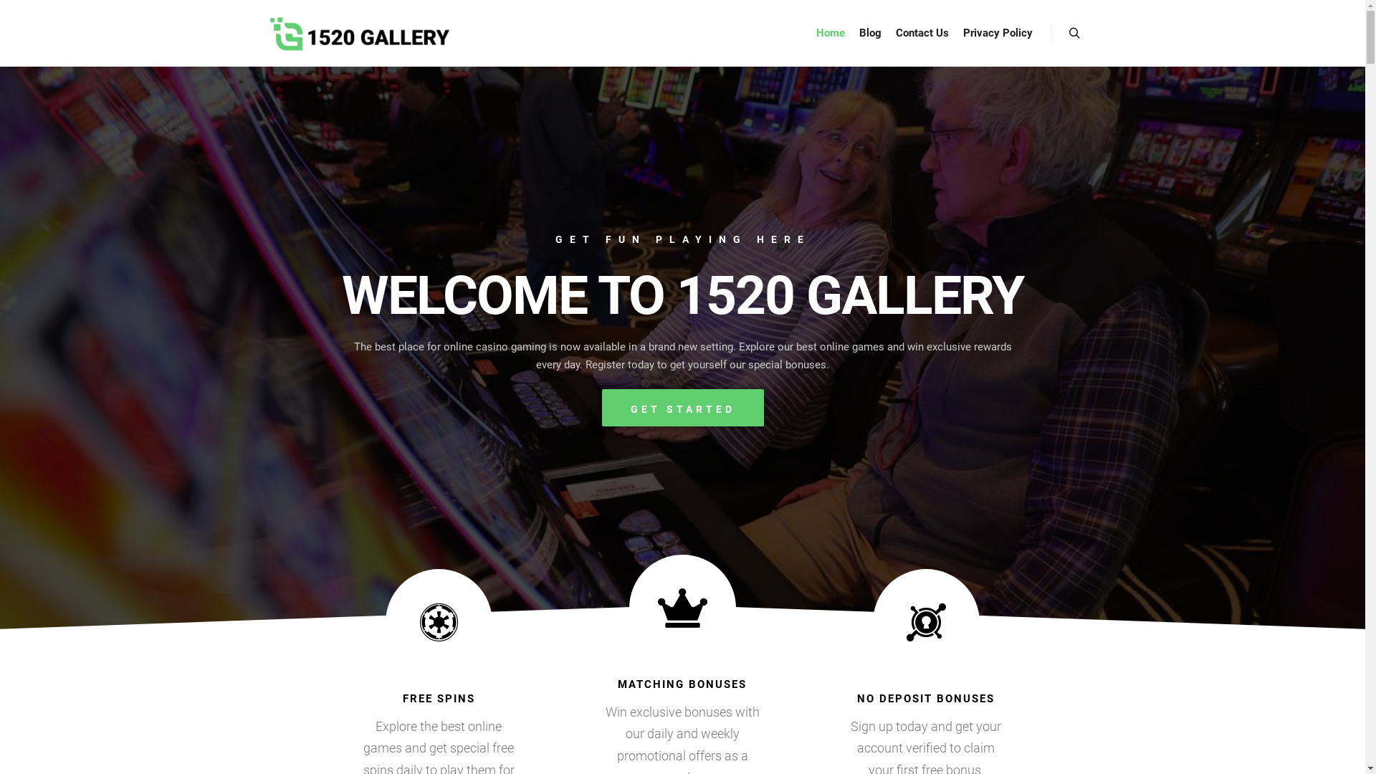 The width and height of the screenshot is (1376, 774). Describe the element at coordinates (997, 32) in the screenshot. I see `'Privacy Policy'` at that location.